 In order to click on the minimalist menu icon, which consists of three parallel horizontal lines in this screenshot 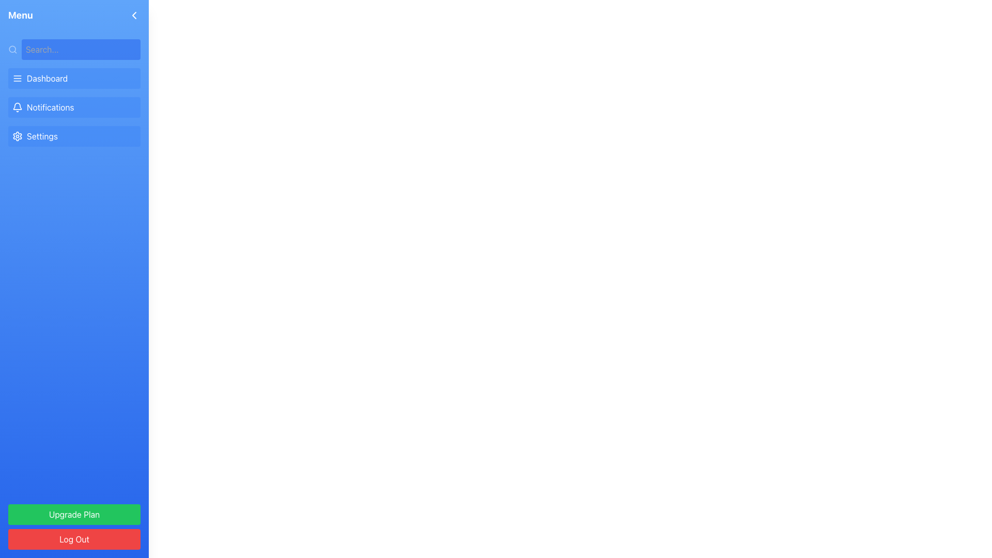, I will do `click(17, 78)`.